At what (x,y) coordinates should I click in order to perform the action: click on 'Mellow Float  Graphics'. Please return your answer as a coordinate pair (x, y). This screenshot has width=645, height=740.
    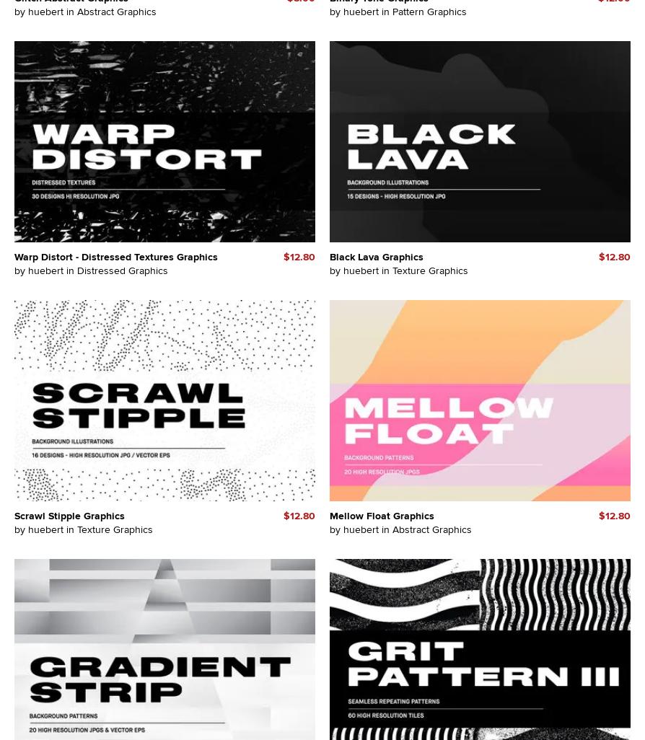
    Looking at the image, I should click on (382, 514).